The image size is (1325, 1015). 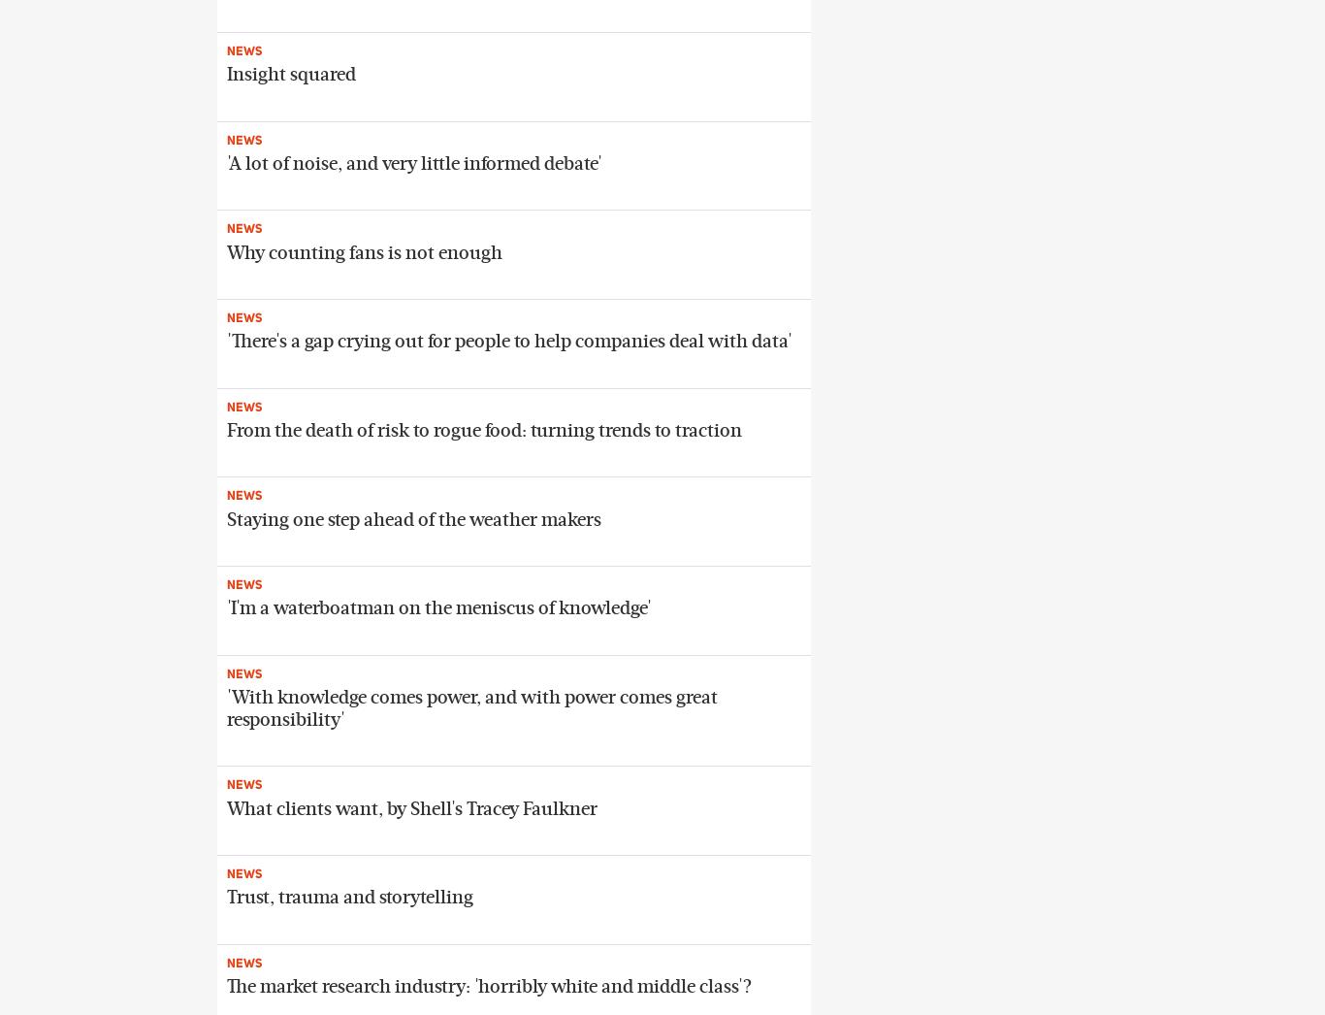 What do you see at coordinates (437, 608) in the screenshot?
I see `''I'm a waterboatman on the meniscus of knowledge''` at bounding box center [437, 608].